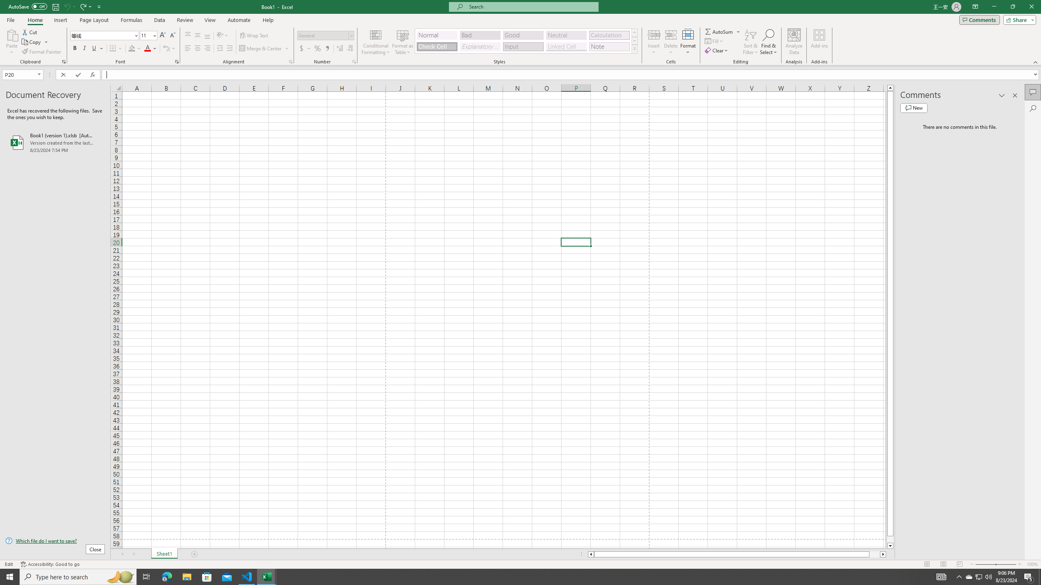 The width and height of the screenshot is (1041, 585). Describe the element at coordinates (1017, 19) in the screenshot. I see `'Share'` at that location.